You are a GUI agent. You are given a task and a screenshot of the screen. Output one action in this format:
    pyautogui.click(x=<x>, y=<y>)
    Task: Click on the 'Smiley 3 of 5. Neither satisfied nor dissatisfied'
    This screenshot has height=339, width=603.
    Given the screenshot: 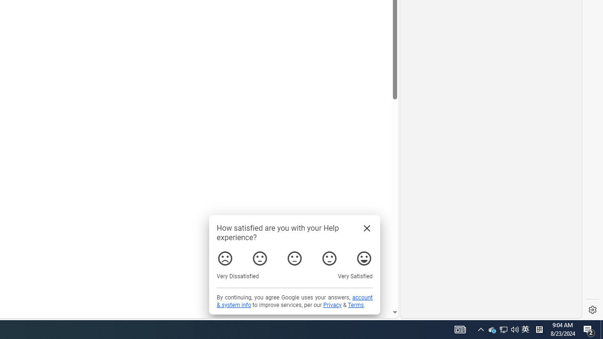 What is the action you would take?
    pyautogui.click(x=294, y=258)
    